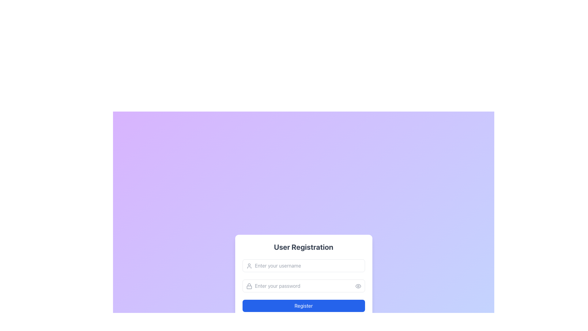  I want to click on the decorative SVG rectangle that forms the body of the lock icon located to the left of the password input field in the registration form, so click(249, 287).